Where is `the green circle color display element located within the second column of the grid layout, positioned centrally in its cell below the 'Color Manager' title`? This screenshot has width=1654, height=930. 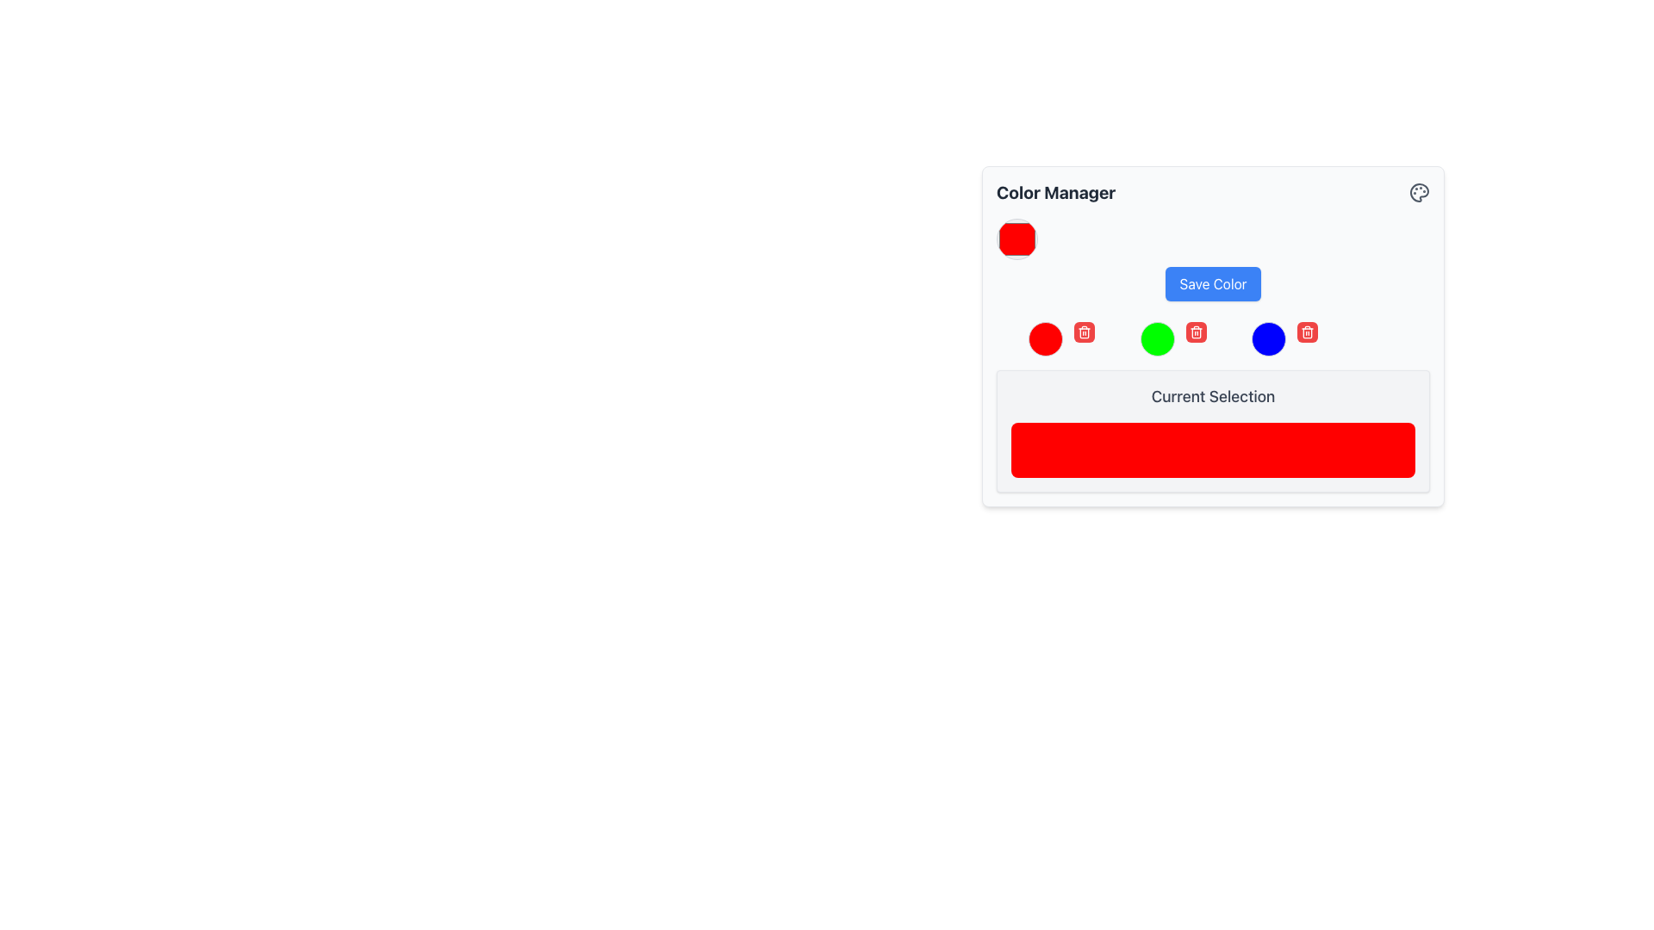 the green circle color display element located within the second column of the grid layout, positioned centrally in its cell below the 'Color Manager' title is located at coordinates (1157, 338).